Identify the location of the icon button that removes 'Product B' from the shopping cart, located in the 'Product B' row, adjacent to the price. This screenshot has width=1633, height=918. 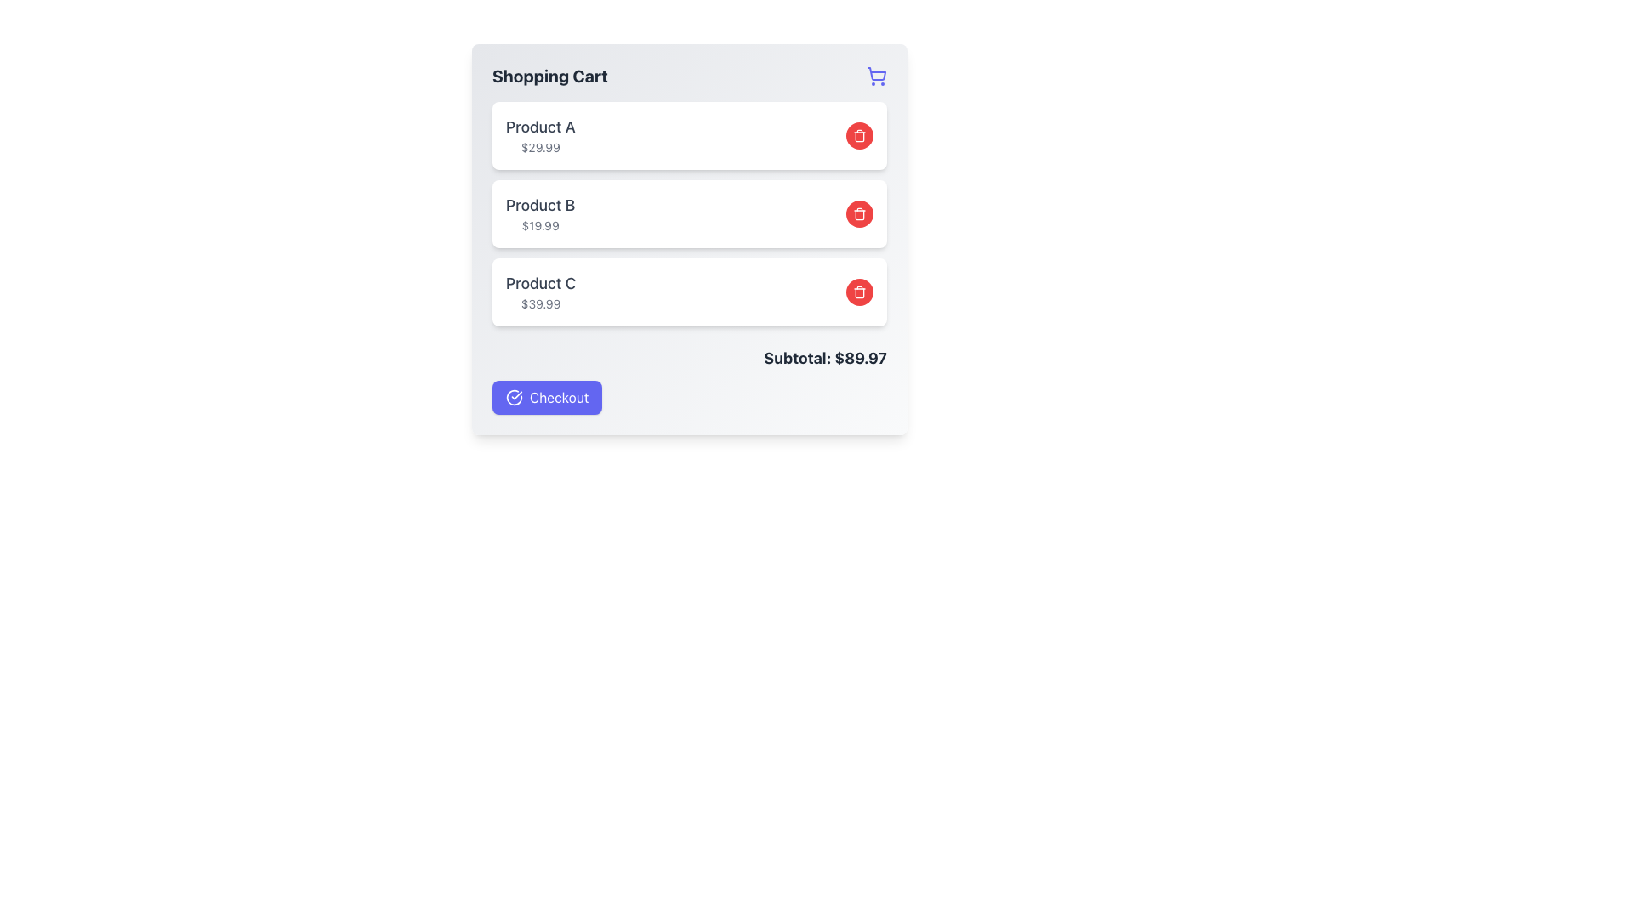
(860, 134).